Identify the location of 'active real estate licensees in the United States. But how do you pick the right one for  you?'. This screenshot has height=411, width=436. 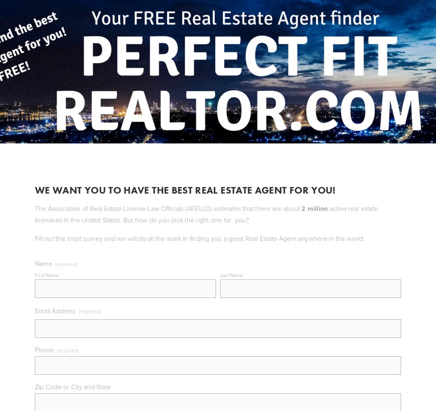
(206, 214).